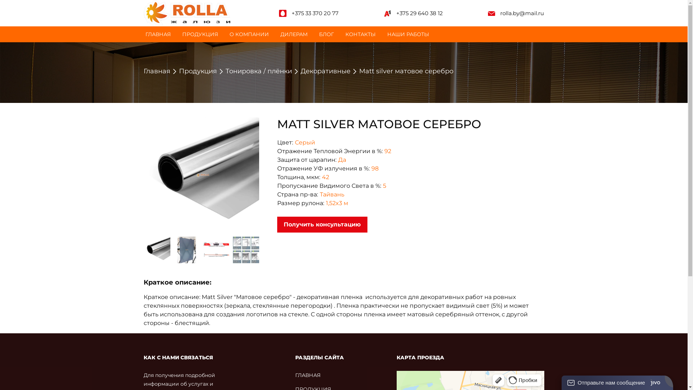 The width and height of the screenshot is (693, 390). I want to click on '+375 33 370 20 77', so click(315, 13).